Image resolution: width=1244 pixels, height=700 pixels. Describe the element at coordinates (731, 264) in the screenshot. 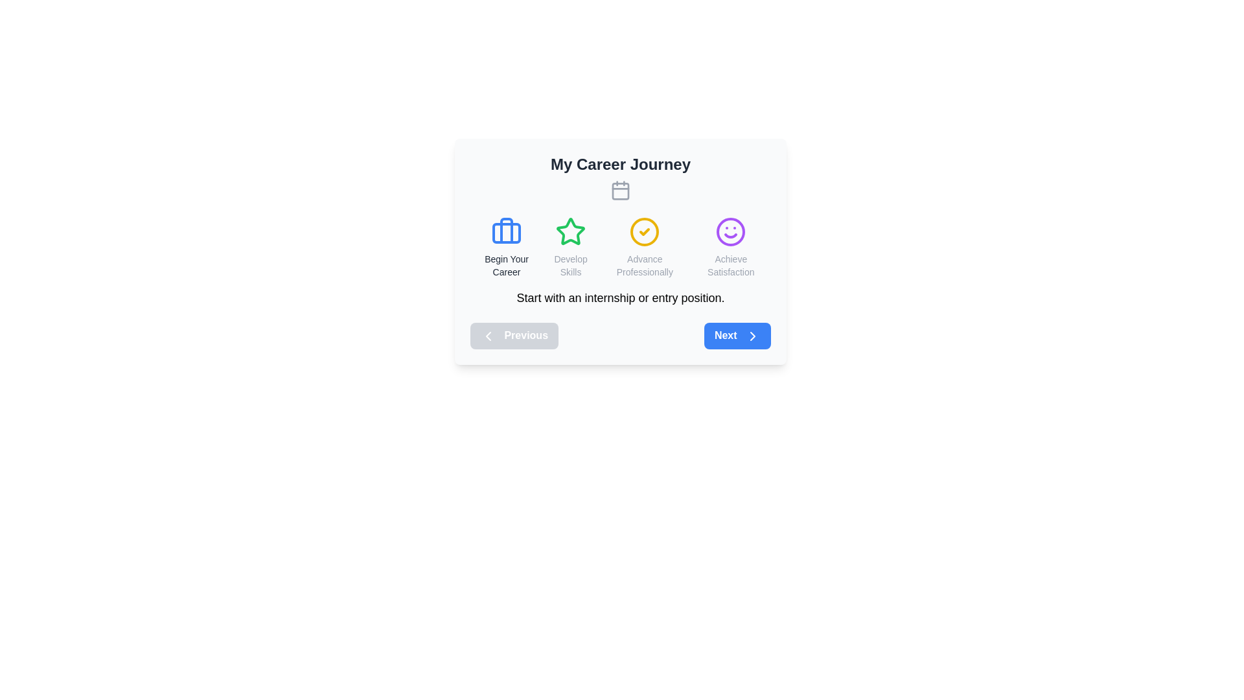

I see `the text label displaying 'Achieve Satisfaction' which is centrally located below a purple smiley-face icon` at that location.